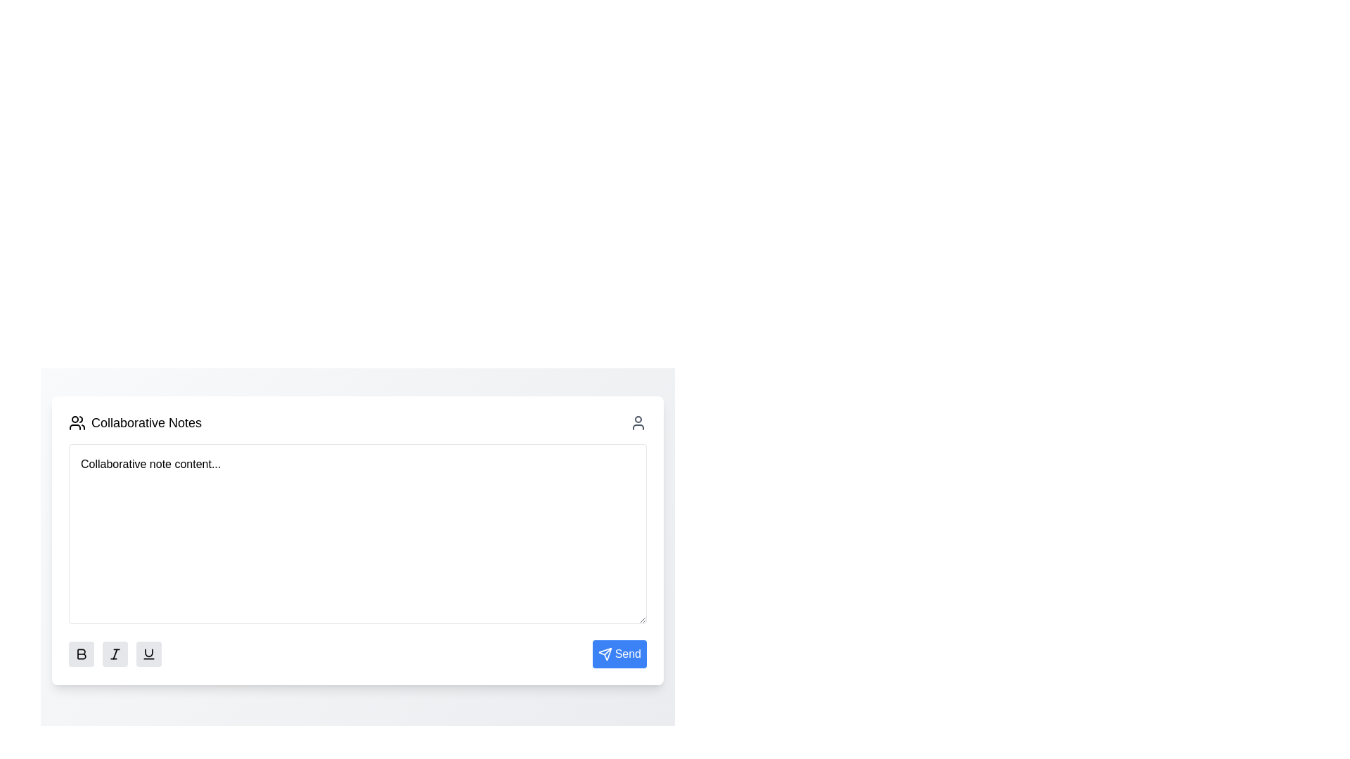  Describe the element at coordinates (80, 654) in the screenshot. I see `the bold toggle button located at the bottom-left of the 'Collaborative Notes' area, which is the first button in a horizontal group of three buttons` at that location.